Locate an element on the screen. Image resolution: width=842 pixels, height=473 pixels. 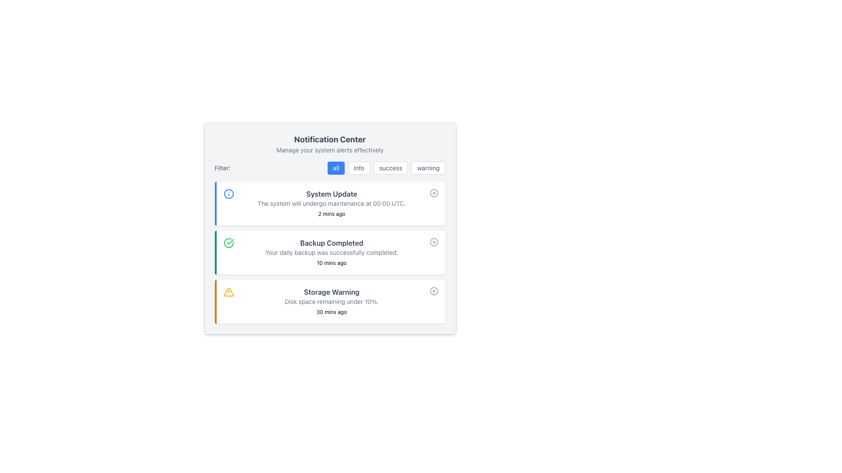
the first notification card in the Notification Center which informs users about the system maintenance is located at coordinates (331, 204).